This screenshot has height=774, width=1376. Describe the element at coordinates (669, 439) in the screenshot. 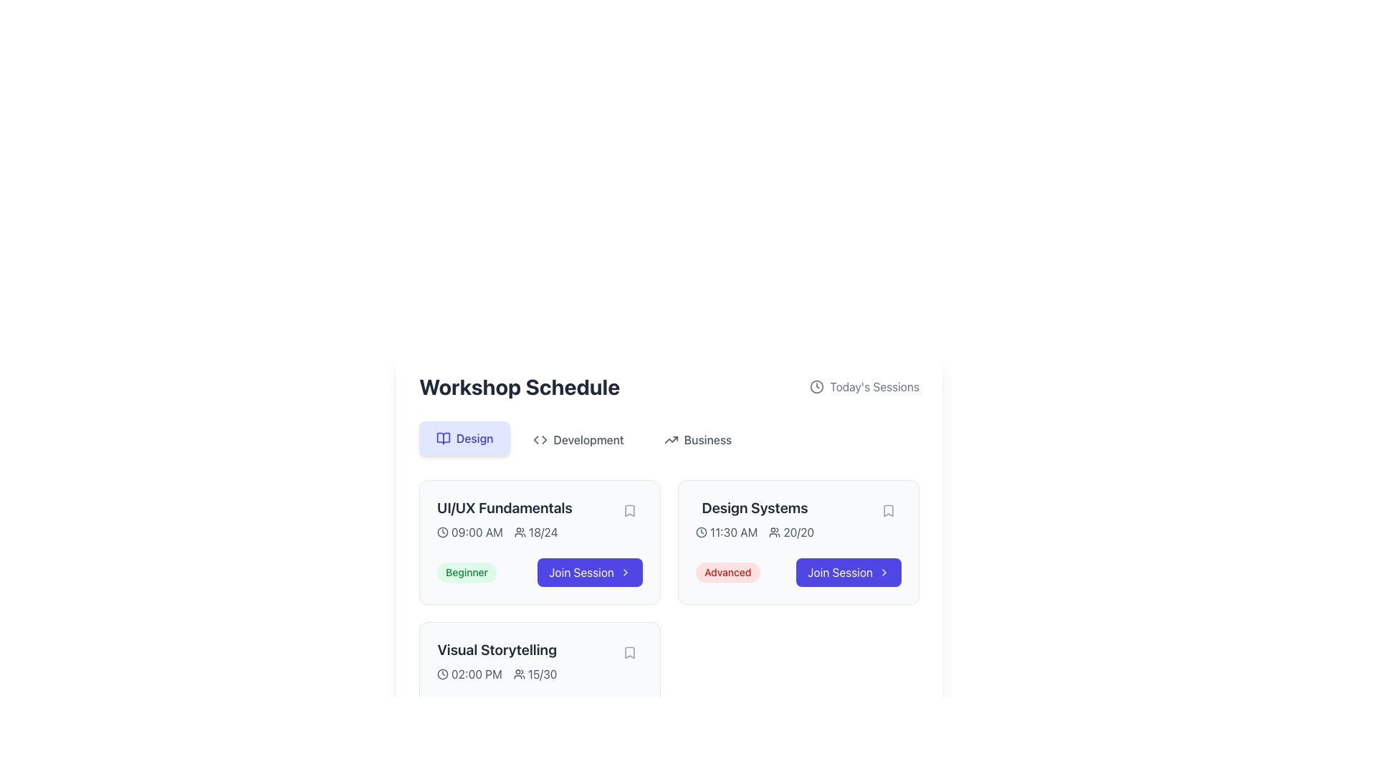

I see `the 'Business' tab in the Navigation Tabs` at that location.